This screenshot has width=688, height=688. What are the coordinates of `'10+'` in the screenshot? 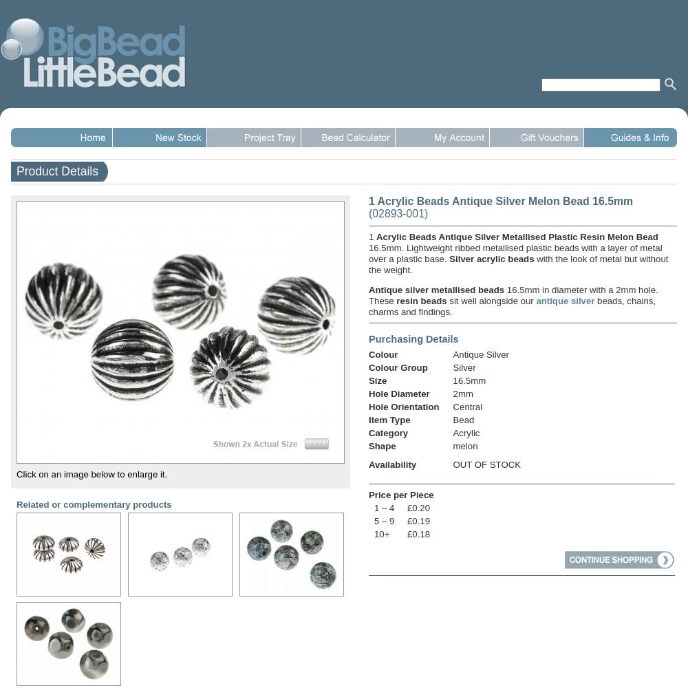 It's located at (374, 534).